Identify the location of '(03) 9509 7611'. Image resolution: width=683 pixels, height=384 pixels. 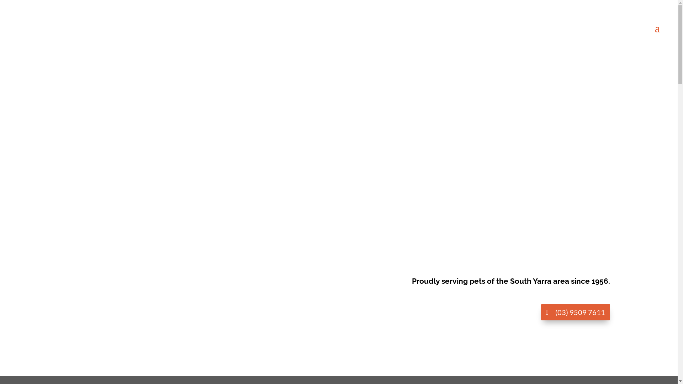
(541, 312).